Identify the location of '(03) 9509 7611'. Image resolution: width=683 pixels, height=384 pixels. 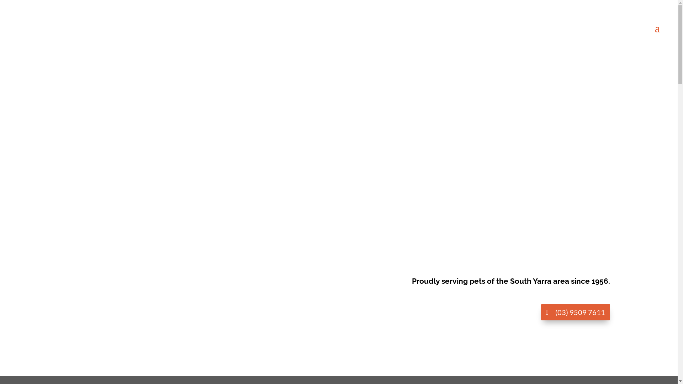
(541, 312).